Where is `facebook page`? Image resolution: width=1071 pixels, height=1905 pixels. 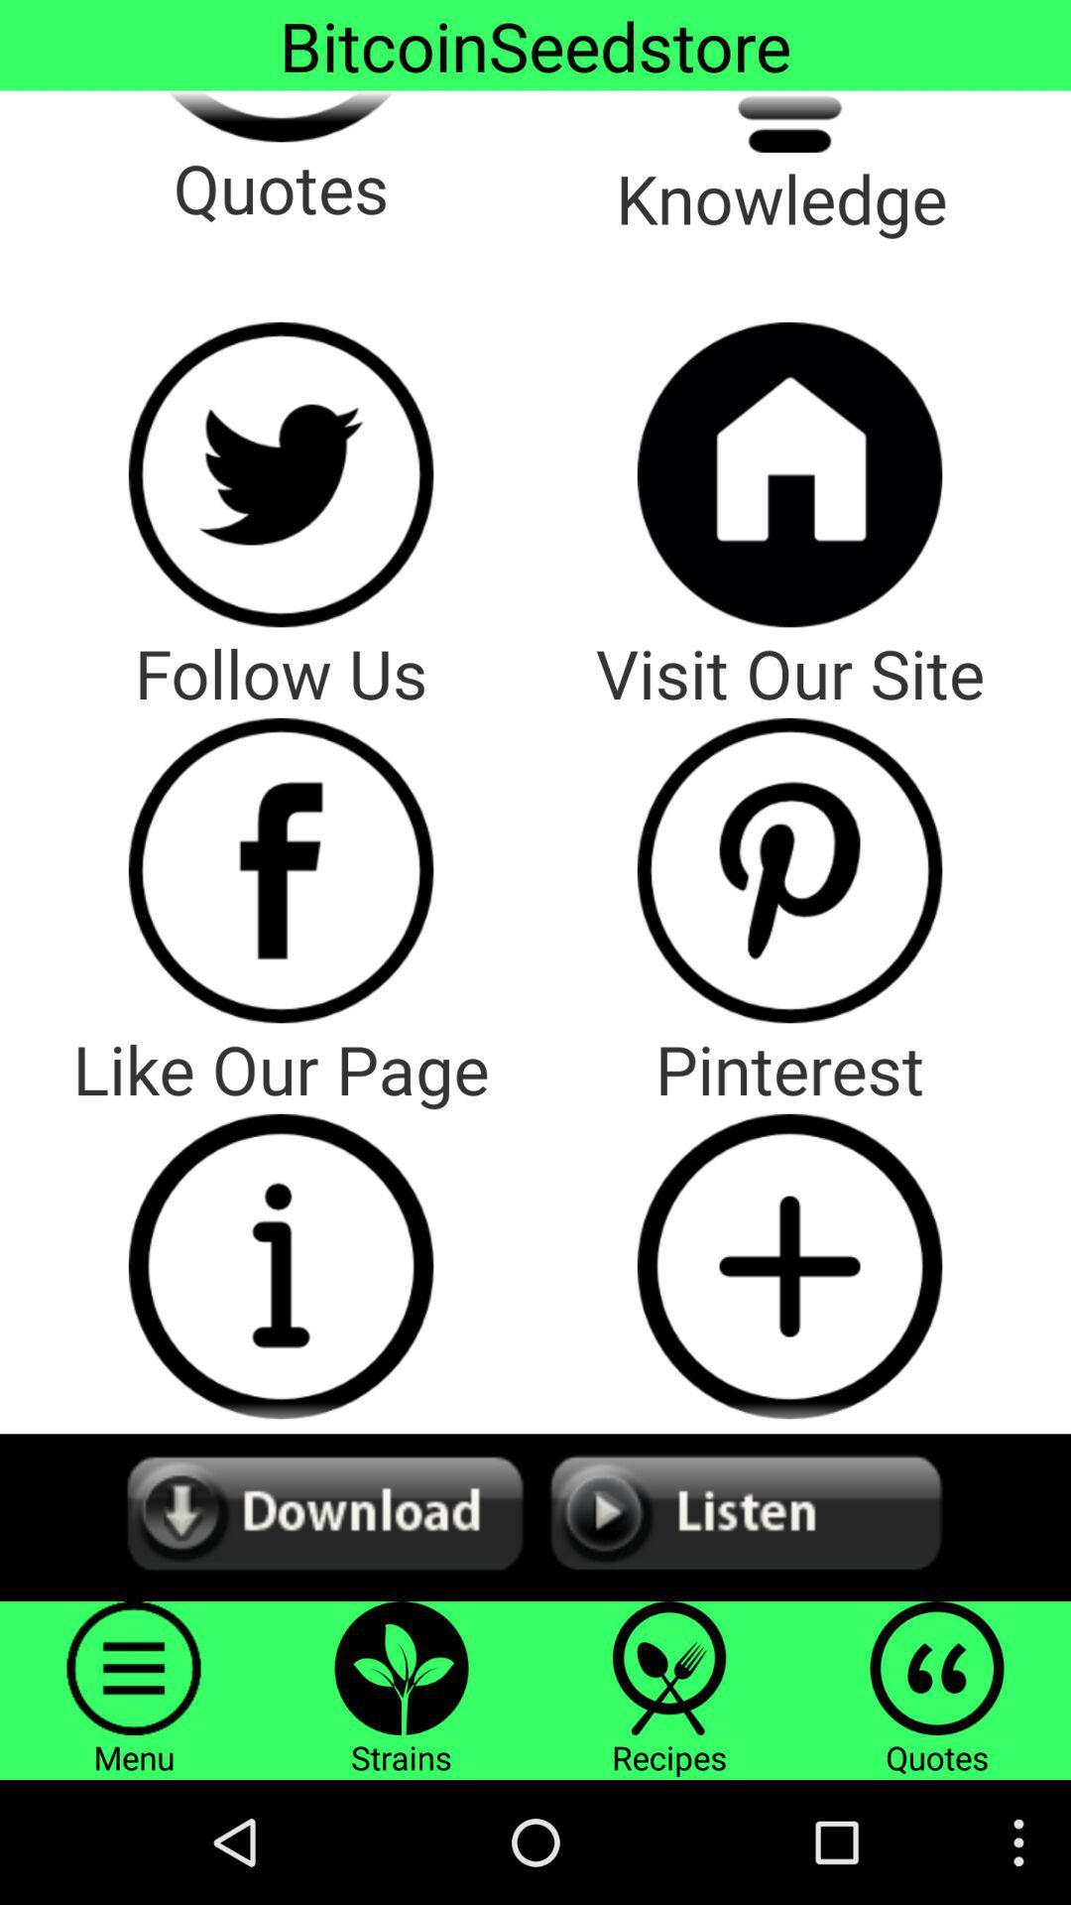 facebook page is located at coordinates (281, 870).